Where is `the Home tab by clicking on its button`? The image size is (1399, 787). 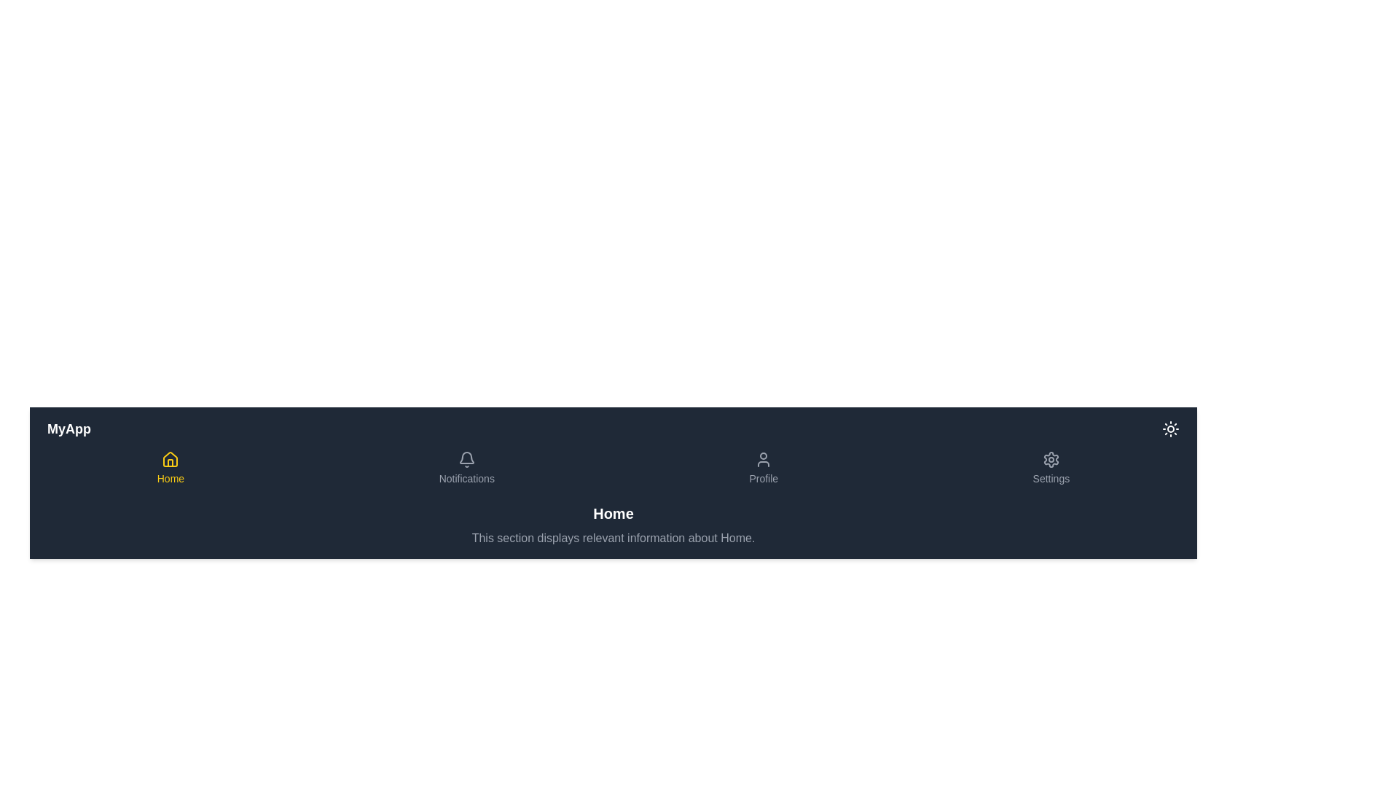
the Home tab by clicking on its button is located at coordinates (171, 469).